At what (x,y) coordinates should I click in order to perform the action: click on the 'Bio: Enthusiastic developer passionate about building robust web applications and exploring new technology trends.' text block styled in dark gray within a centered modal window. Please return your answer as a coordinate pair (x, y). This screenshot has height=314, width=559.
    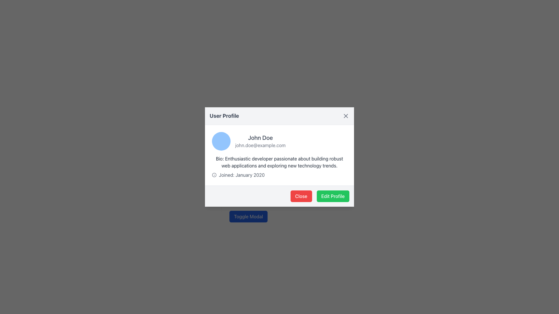
    Looking at the image, I should click on (279, 162).